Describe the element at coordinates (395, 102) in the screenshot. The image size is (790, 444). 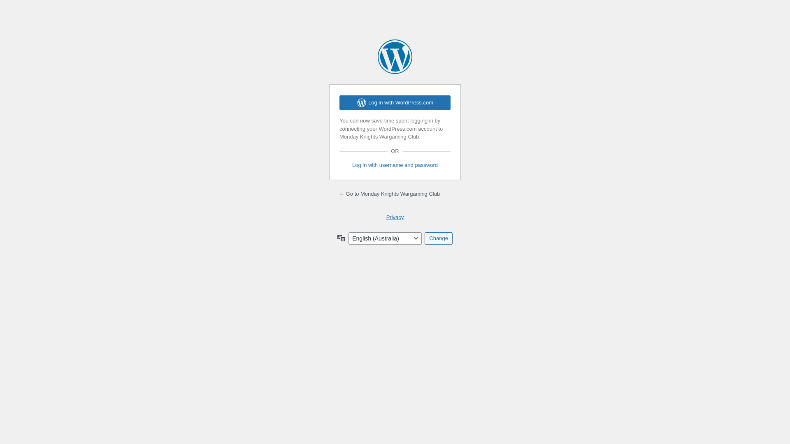
I see `'Log in with WordPress.com'` at that location.